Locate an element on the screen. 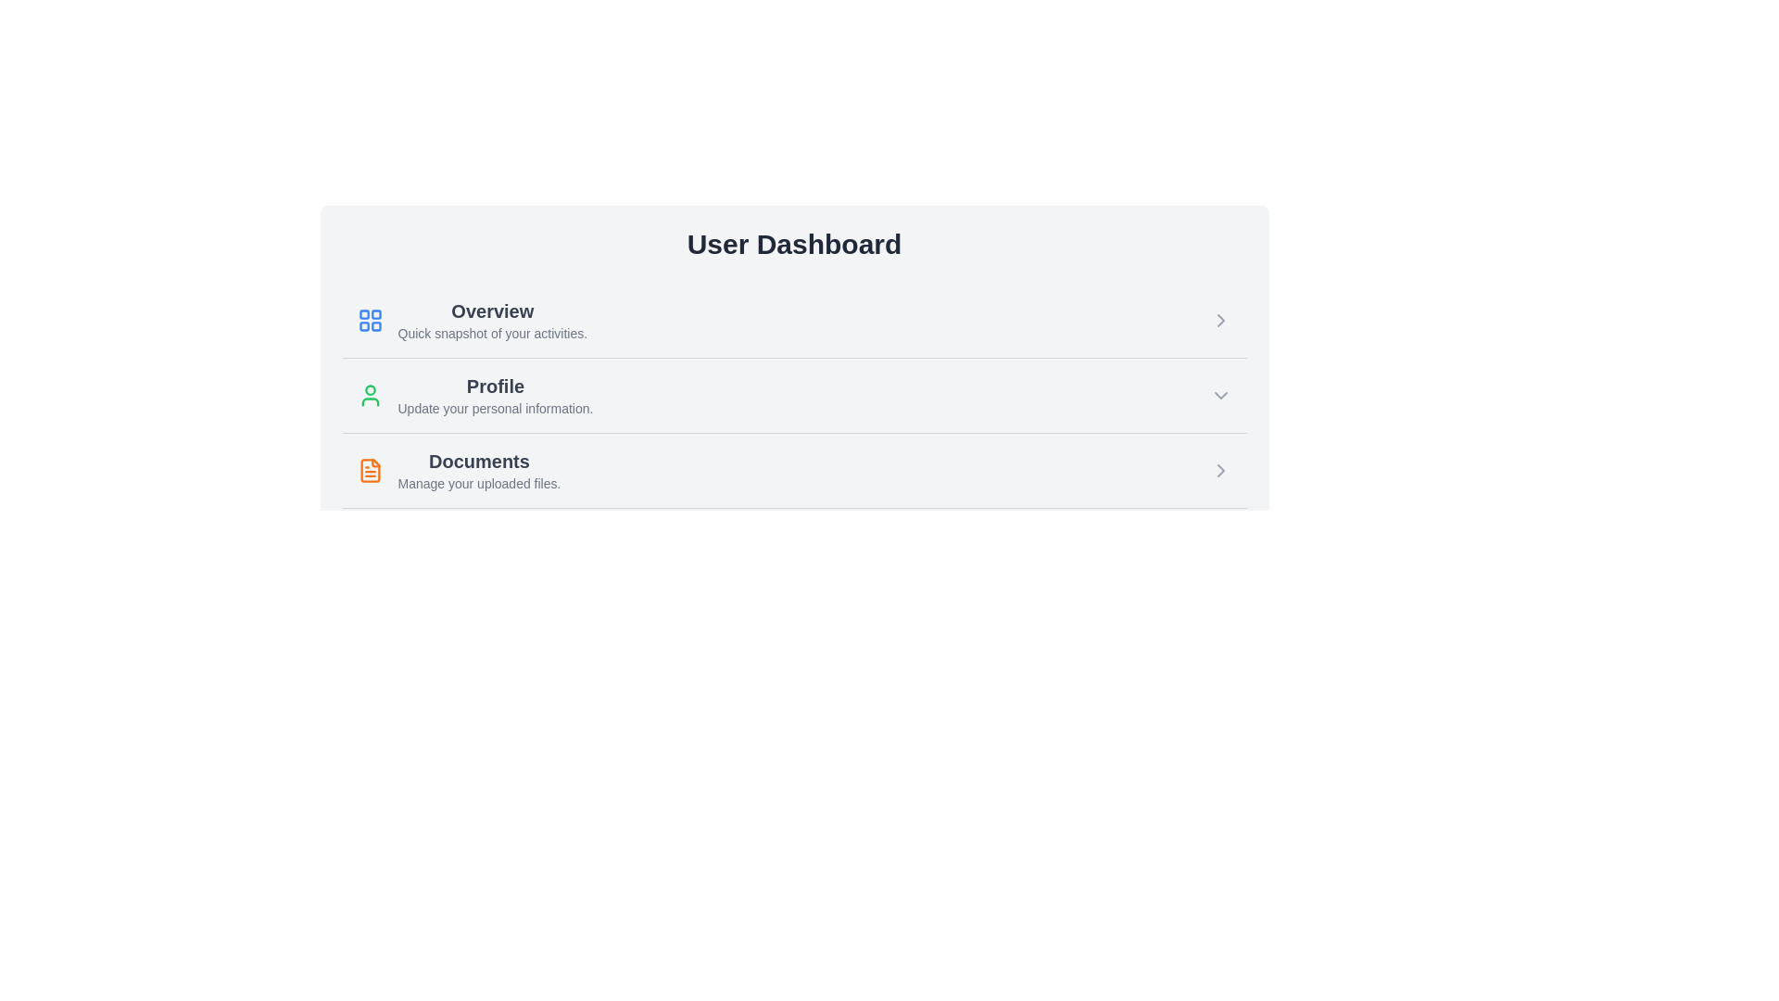  the rightward chevron arrow icon located at the top right of the 'Overview' item is located at coordinates (1220, 320).